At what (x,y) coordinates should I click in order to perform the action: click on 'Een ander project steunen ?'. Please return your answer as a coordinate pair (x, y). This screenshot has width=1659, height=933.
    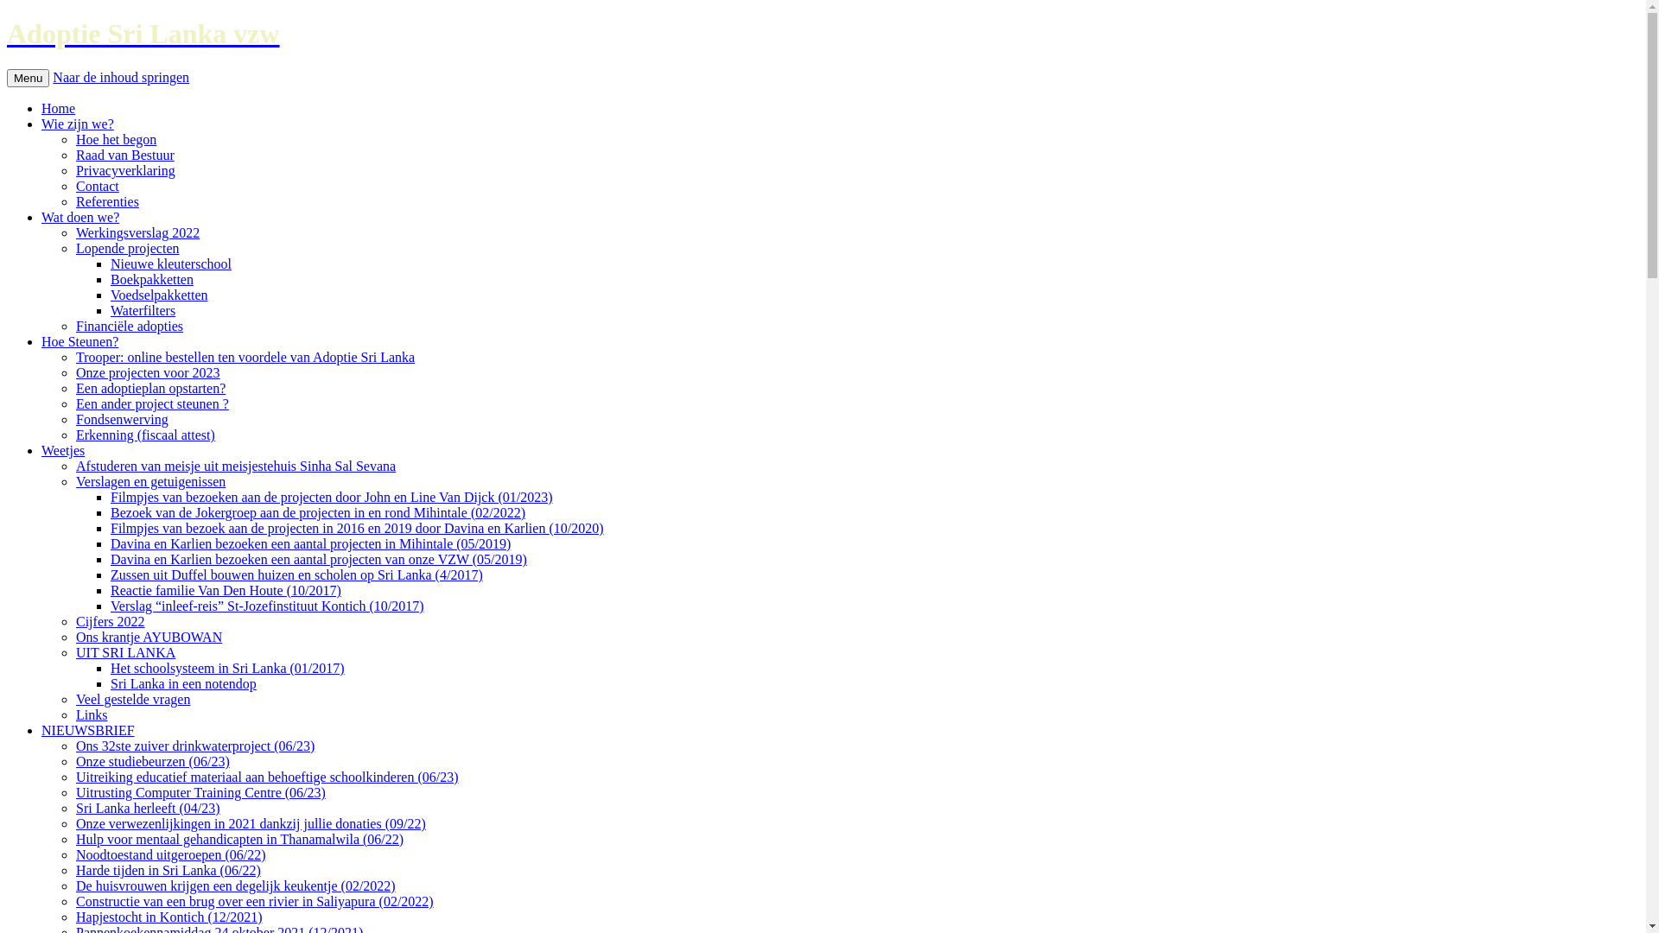
    Looking at the image, I should click on (74, 403).